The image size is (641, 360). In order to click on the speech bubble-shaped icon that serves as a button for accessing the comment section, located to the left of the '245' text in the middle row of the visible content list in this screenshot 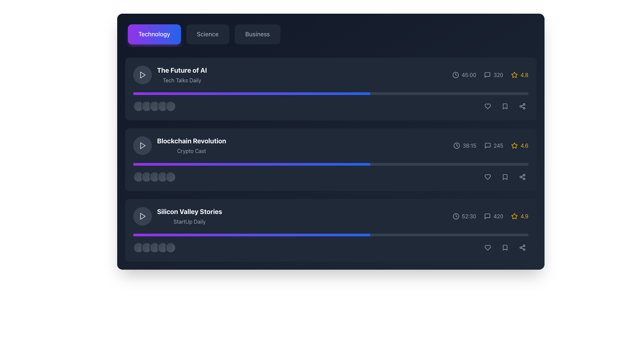, I will do `click(487, 145)`.